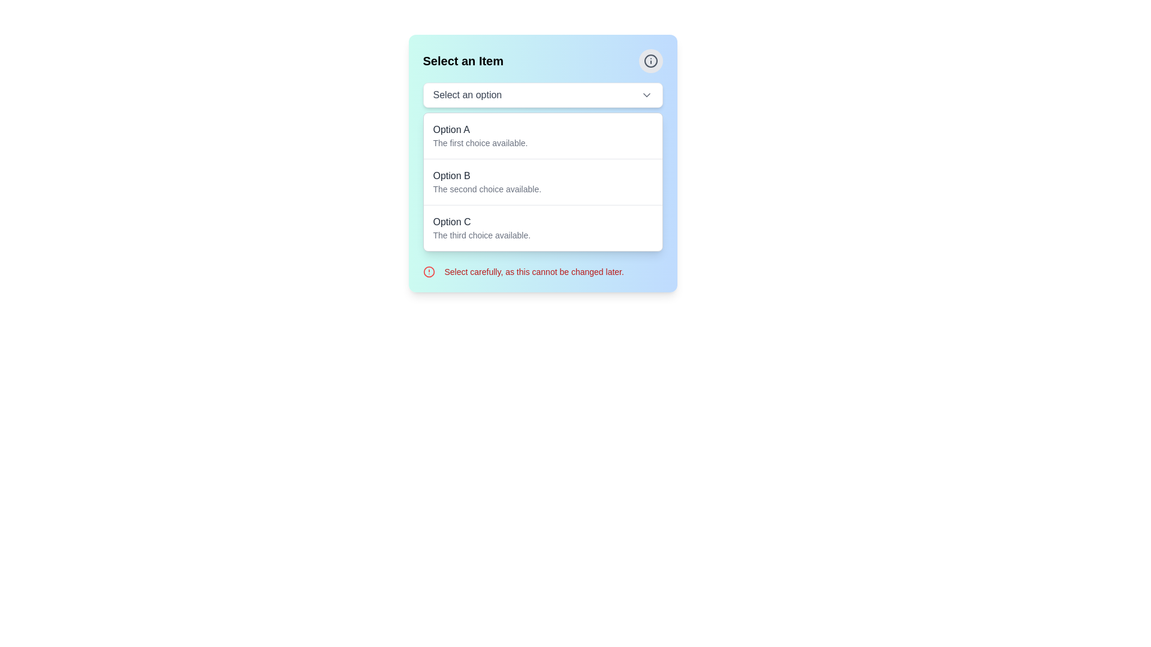 The width and height of the screenshot is (1151, 647). I want to click on the informational text that reads 'The third choice available.' located under 'Option C' in the dropdown selection interface, so click(481, 235).